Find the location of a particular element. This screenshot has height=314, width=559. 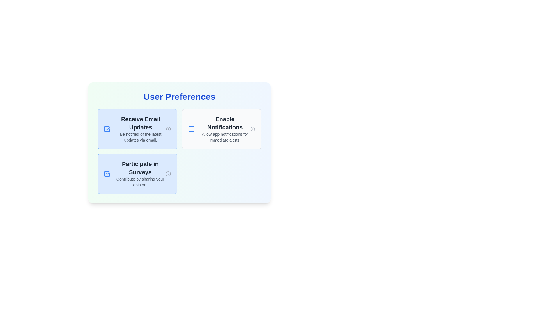

the information icon located in the upper right corner of the 'Receive Email Updates' section is located at coordinates (168, 129).